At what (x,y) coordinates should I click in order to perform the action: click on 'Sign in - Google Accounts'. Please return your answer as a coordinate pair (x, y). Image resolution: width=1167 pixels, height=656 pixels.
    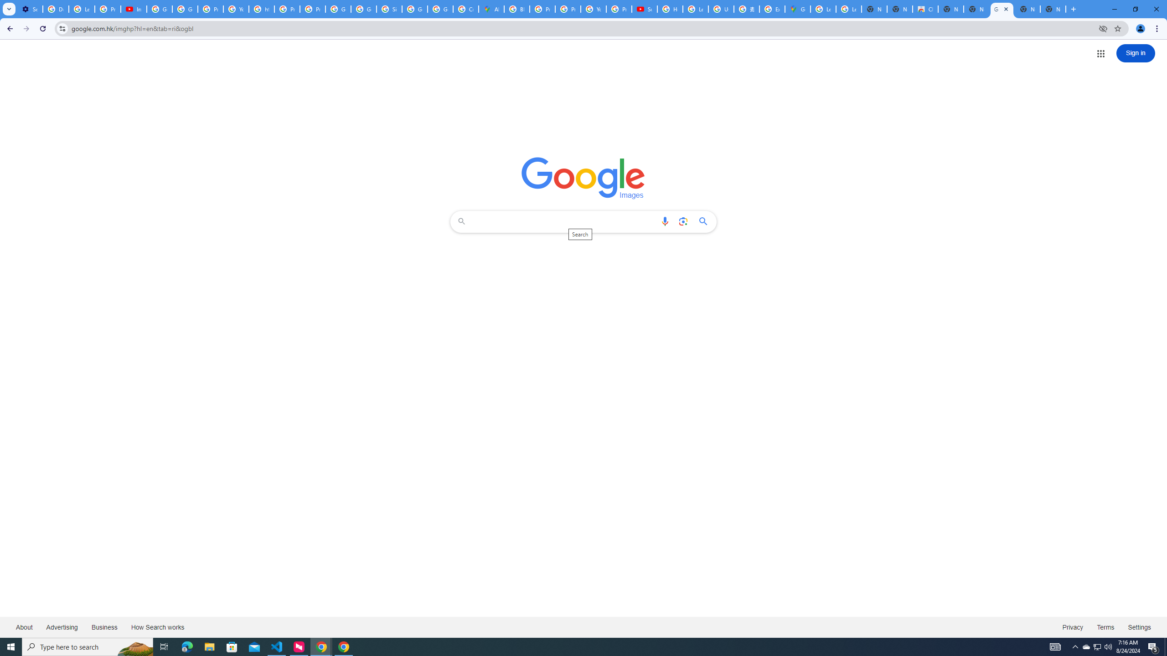
    Looking at the image, I should click on (388, 9).